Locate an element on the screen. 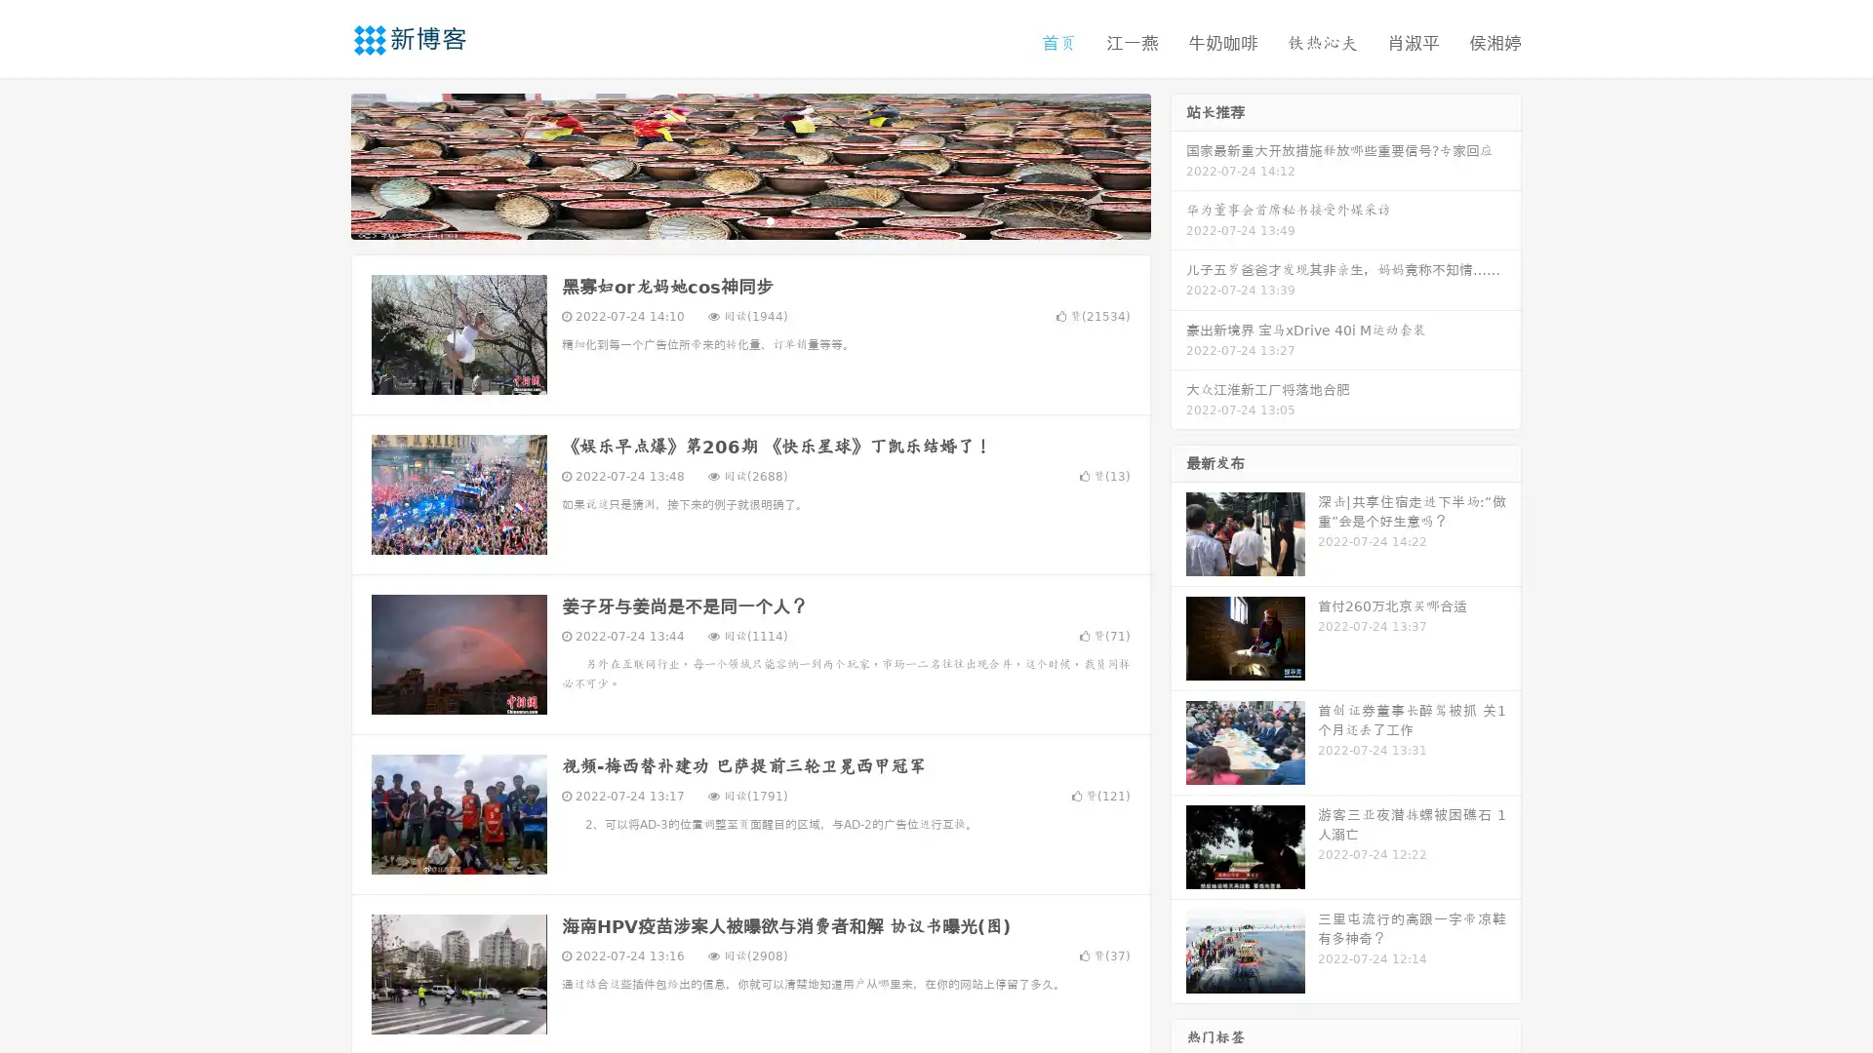 The width and height of the screenshot is (1873, 1053). Previous slide is located at coordinates (322, 164).